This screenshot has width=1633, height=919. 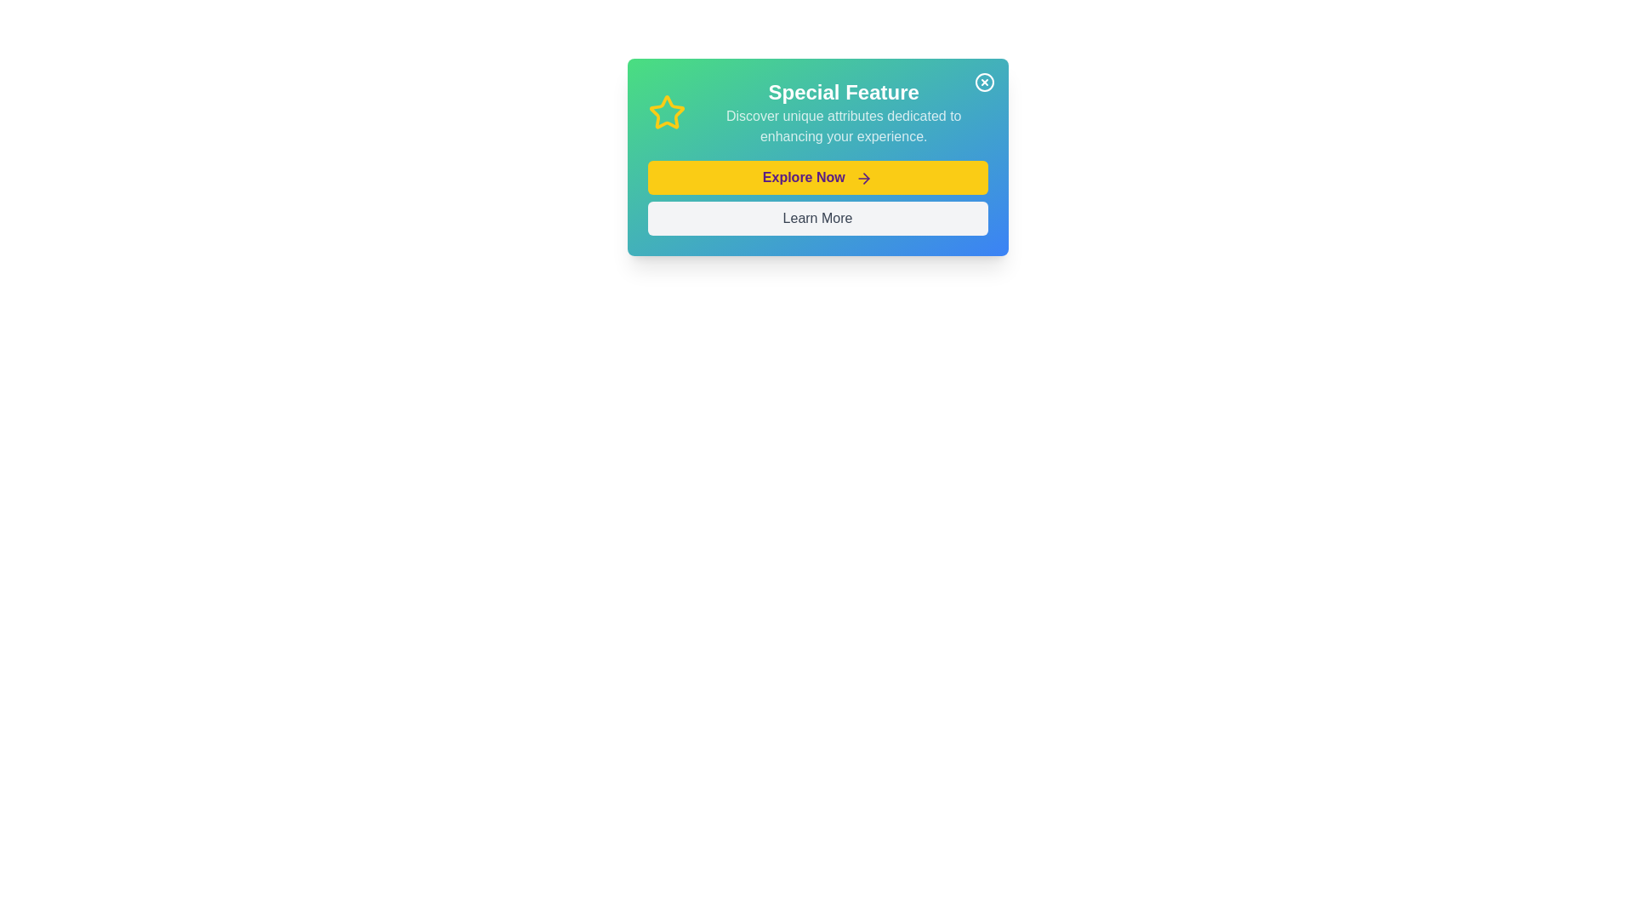 I want to click on the iconic close button represented by a circular element located in the top-right corner of the card, so click(x=984, y=82).